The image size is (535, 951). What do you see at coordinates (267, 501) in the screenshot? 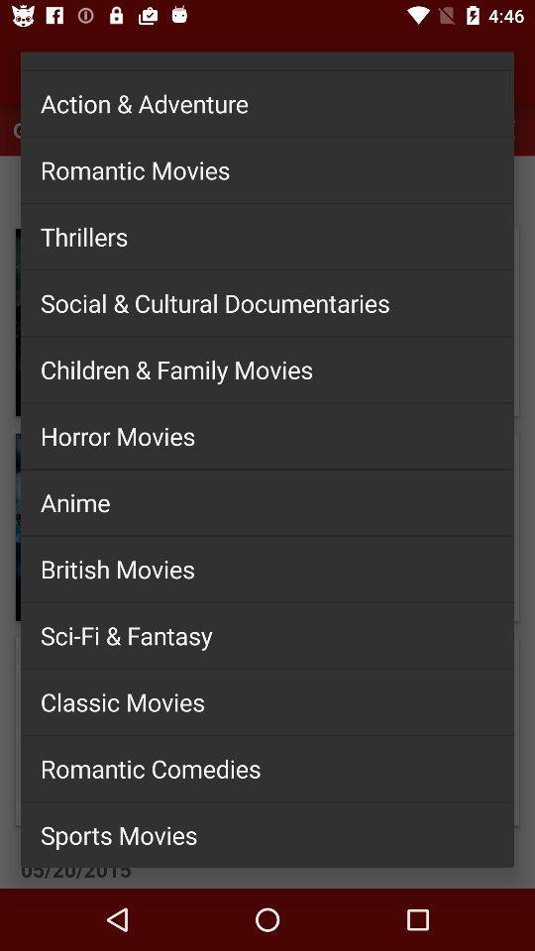
I see `the icon above the    british movies` at bounding box center [267, 501].